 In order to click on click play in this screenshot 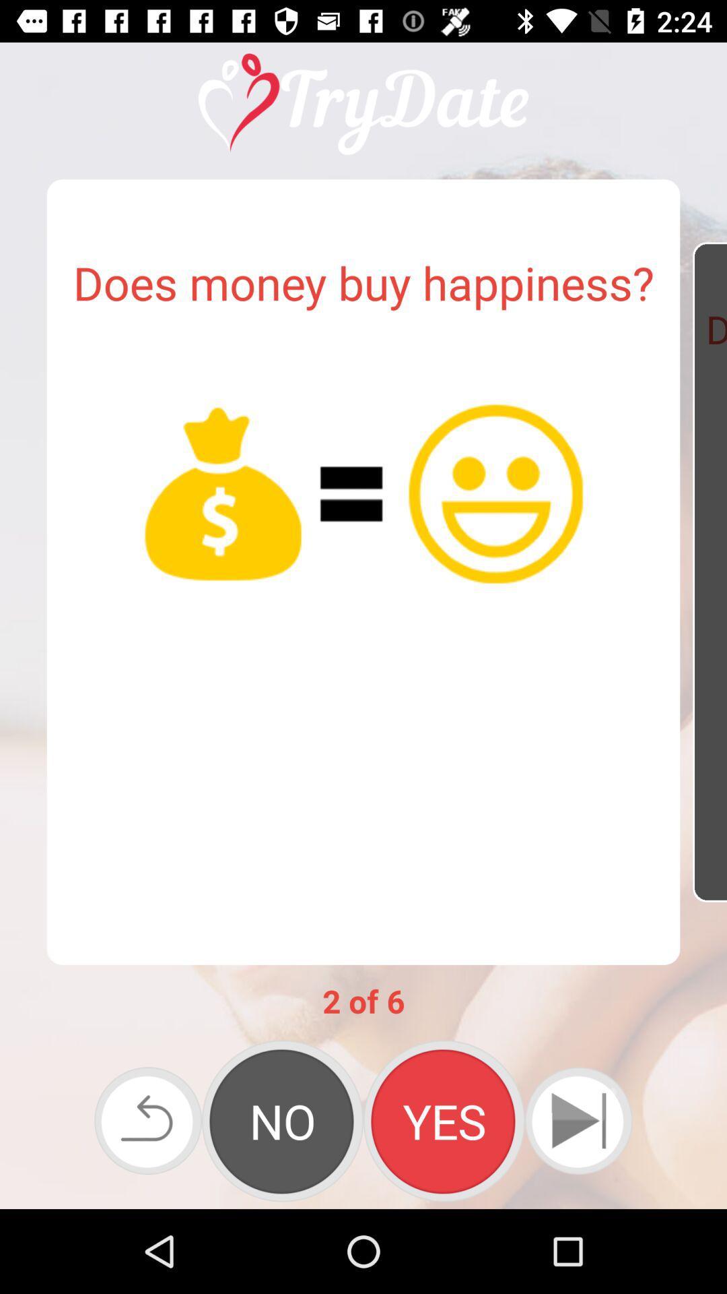, I will do `click(578, 1121)`.